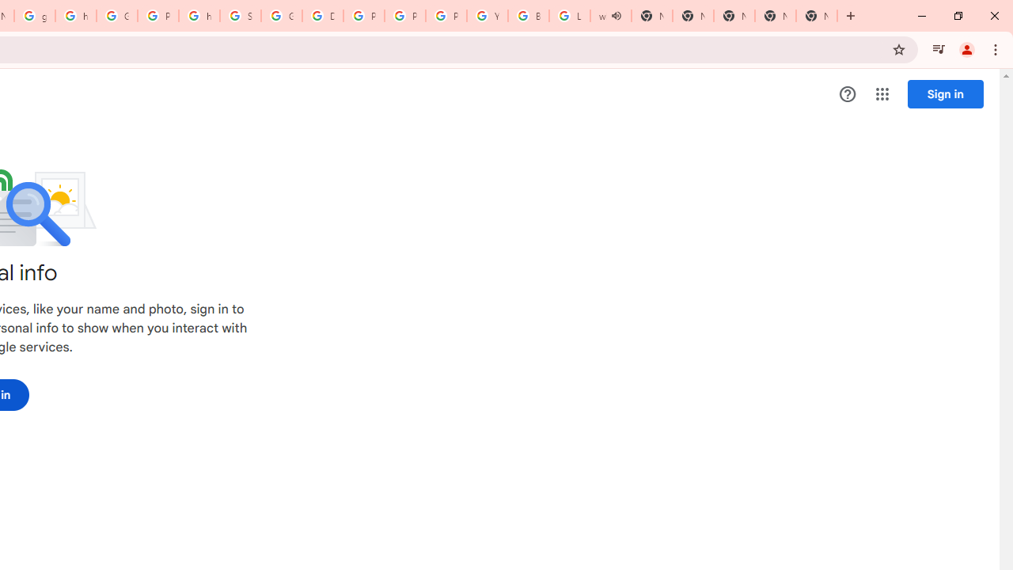 Image resolution: width=1013 pixels, height=570 pixels. What do you see at coordinates (487, 16) in the screenshot?
I see `'YouTube'` at bounding box center [487, 16].